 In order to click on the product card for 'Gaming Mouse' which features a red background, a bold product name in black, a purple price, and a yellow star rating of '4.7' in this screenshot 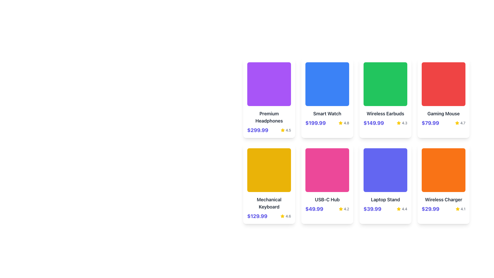, I will do `click(443, 98)`.